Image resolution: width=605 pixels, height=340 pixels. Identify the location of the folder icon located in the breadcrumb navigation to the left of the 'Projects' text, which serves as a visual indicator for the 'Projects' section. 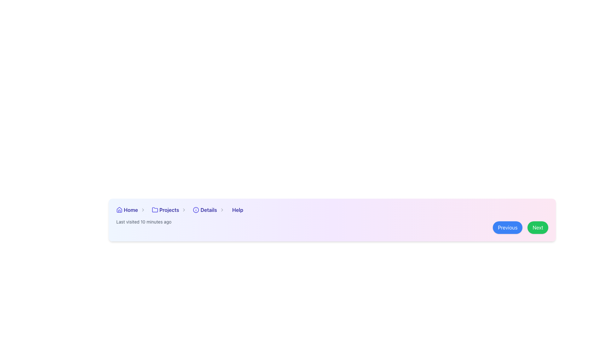
(155, 210).